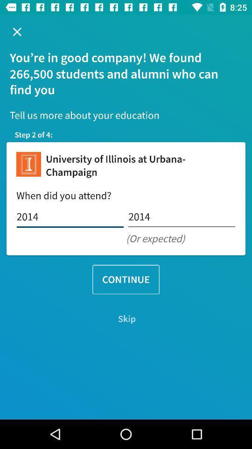 This screenshot has width=252, height=449. Describe the element at coordinates (126, 319) in the screenshot. I see `the item below the continue item` at that location.